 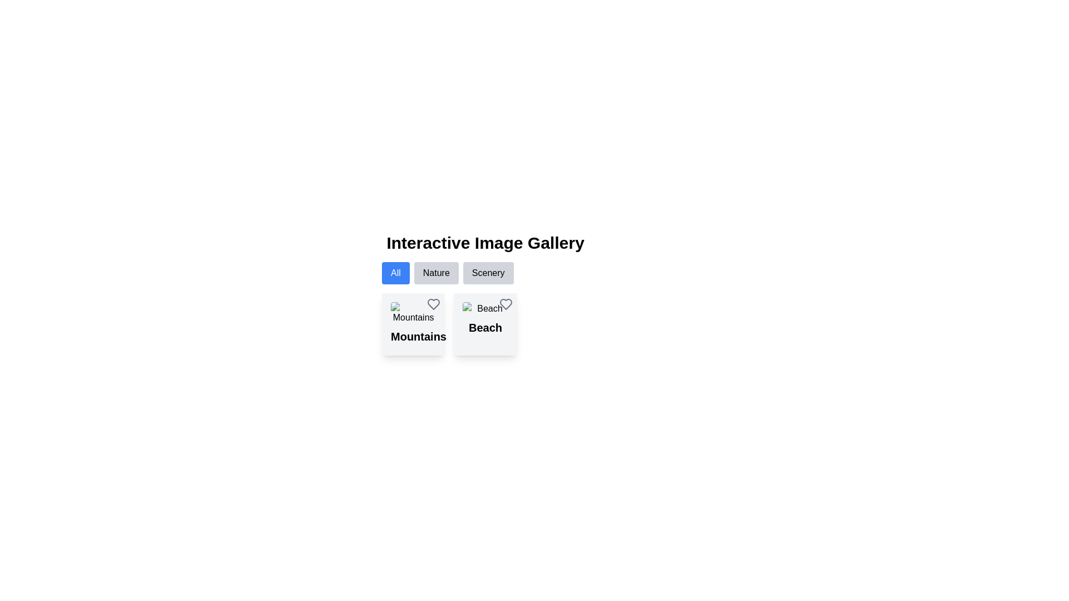 What do you see at coordinates (486, 293) in the screenshot?
I see `the 'Beach' Clickable Card located in the second column of the grid layout, below the filters and to the right of the 'Mountains' card` at bounding box center [486, 293].